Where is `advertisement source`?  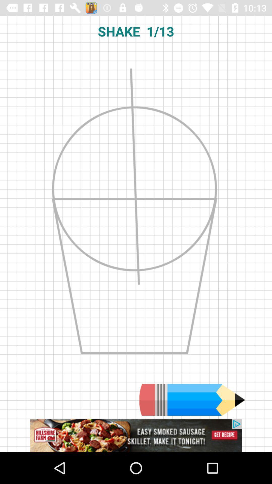
advertisement source is located at coordinates (136, 435).